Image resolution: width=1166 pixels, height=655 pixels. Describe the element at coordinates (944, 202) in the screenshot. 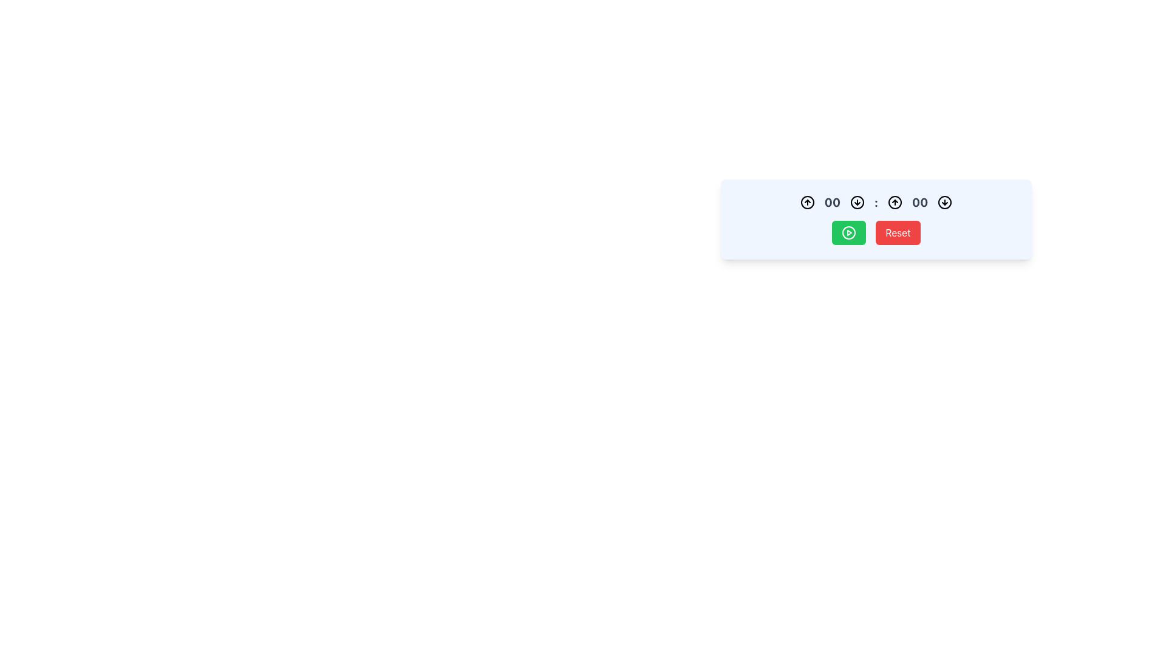

I see `the decrease value button located on the far right of the time adjustment controls` at that location.